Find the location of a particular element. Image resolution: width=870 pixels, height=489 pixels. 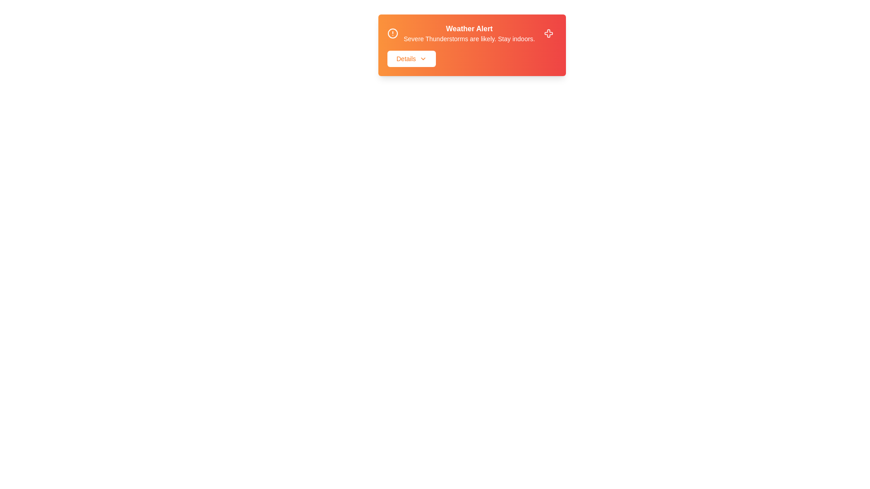

the close button to hide the notification is located at coordinates (548, 33).